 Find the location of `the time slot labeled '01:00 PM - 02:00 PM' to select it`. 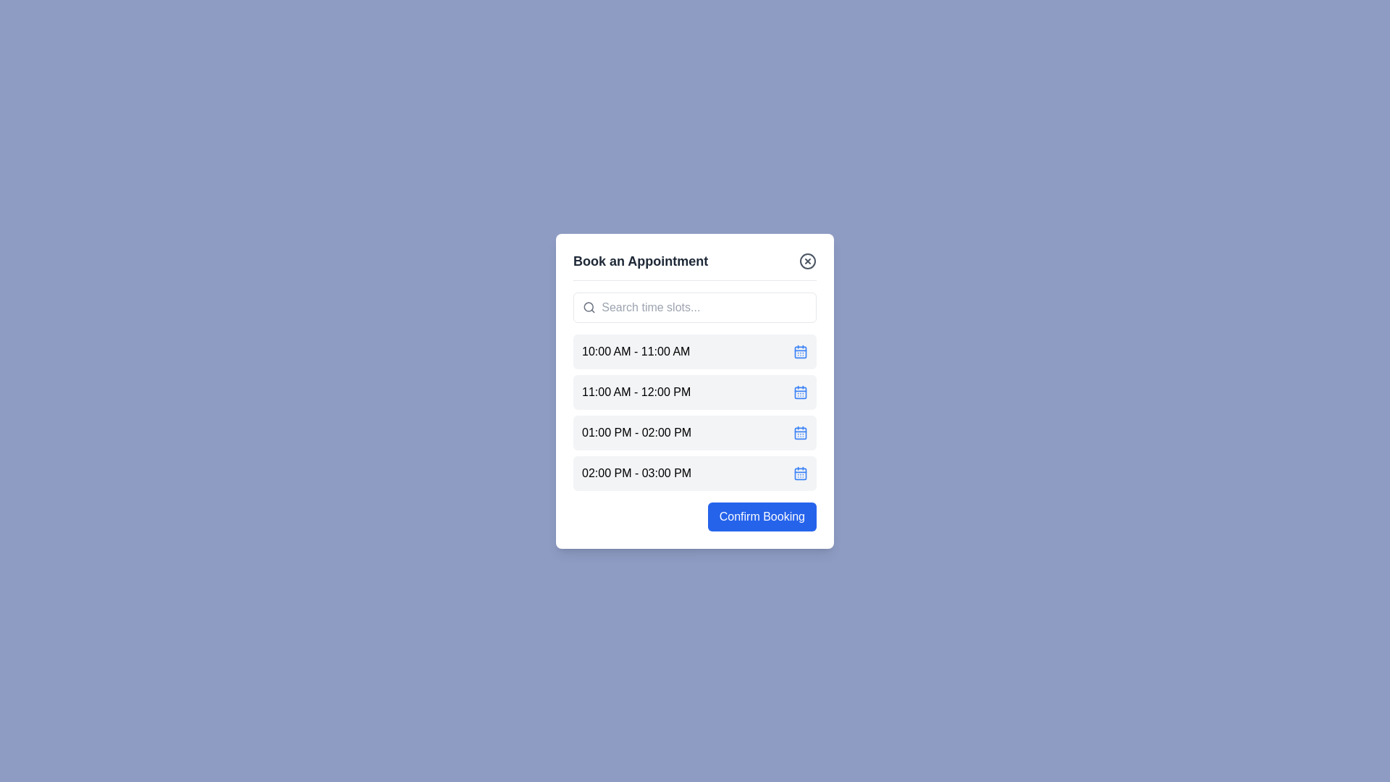

the time slot labeled '01:00 PM - 02:00 PM' to select it is located at coordinates (695, 432).